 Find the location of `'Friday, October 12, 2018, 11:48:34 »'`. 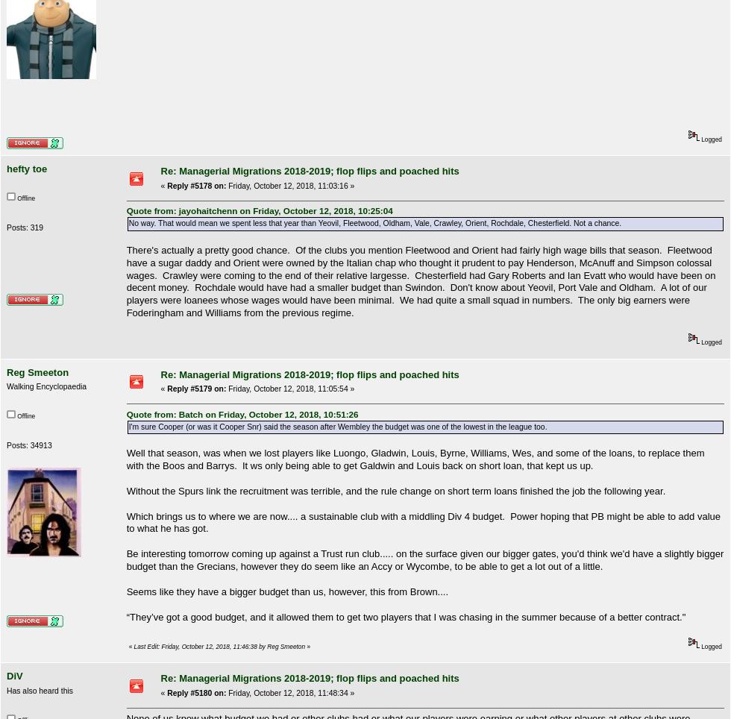

'Friday, October 12, 2018, 11:48:34 »' is located at coordinates (289, 692).